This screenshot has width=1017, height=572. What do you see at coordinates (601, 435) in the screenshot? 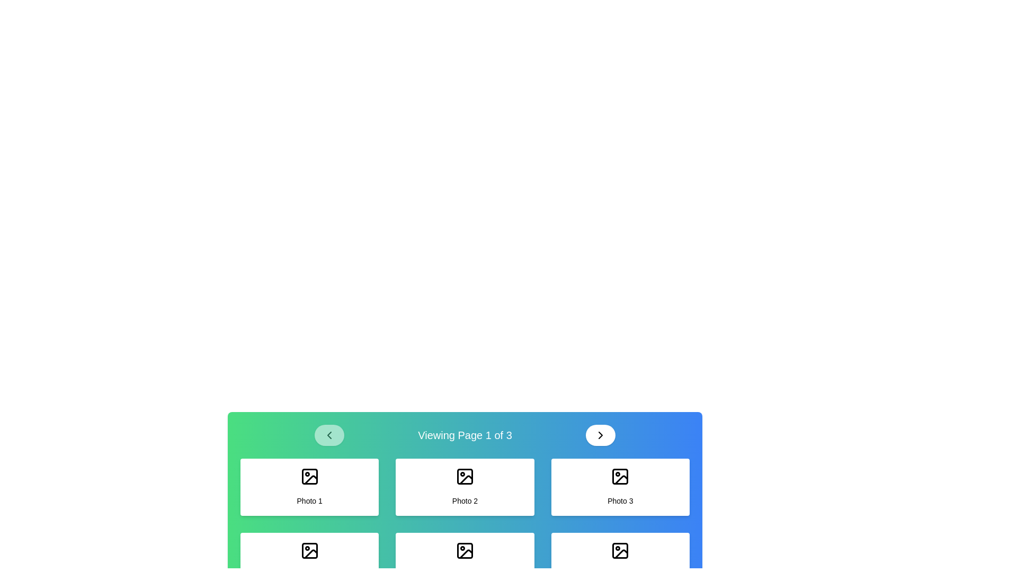
I see `the medium-sized rightward pointing arrow icon located within a circular button in the blue-shaded right section of the footer, aligned horizontally with the text 'Viewing Page 1 of 3', for accessibility navigation` at bounding box center [601, 435].